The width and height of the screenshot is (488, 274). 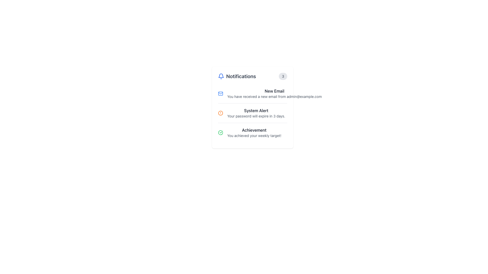 What do you see at coordinates (274, 91) in the screenshot?
I see `the 'New Email' text label in the notification card` at bounding box center [274, 91].